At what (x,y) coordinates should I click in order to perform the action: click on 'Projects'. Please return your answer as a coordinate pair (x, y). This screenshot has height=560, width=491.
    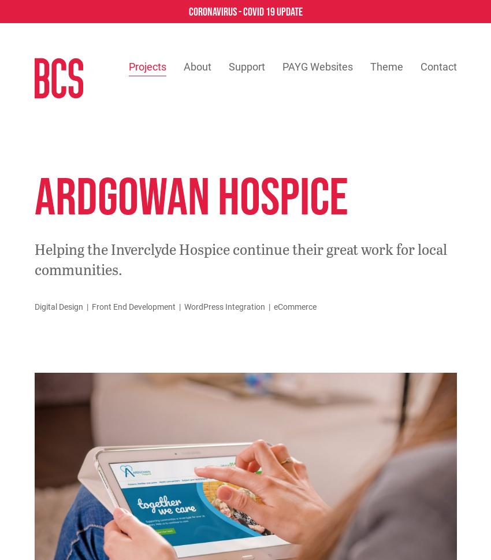
    Looking at the image, I should click on (147, 66).